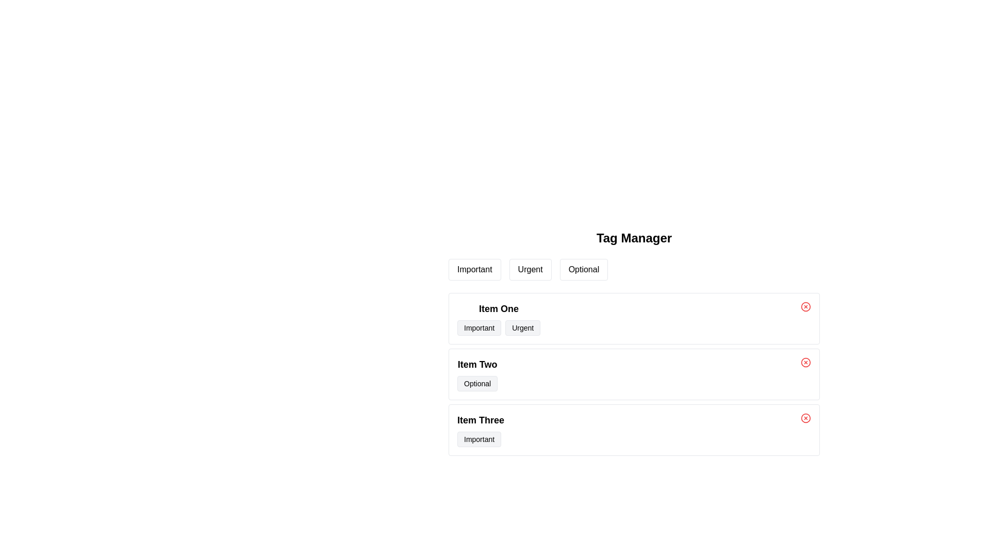  I want to click on text from the 'Urgent' badge associated with the 'Item One' section, which is the second badge in a group of similar badges, so click(523, 328).